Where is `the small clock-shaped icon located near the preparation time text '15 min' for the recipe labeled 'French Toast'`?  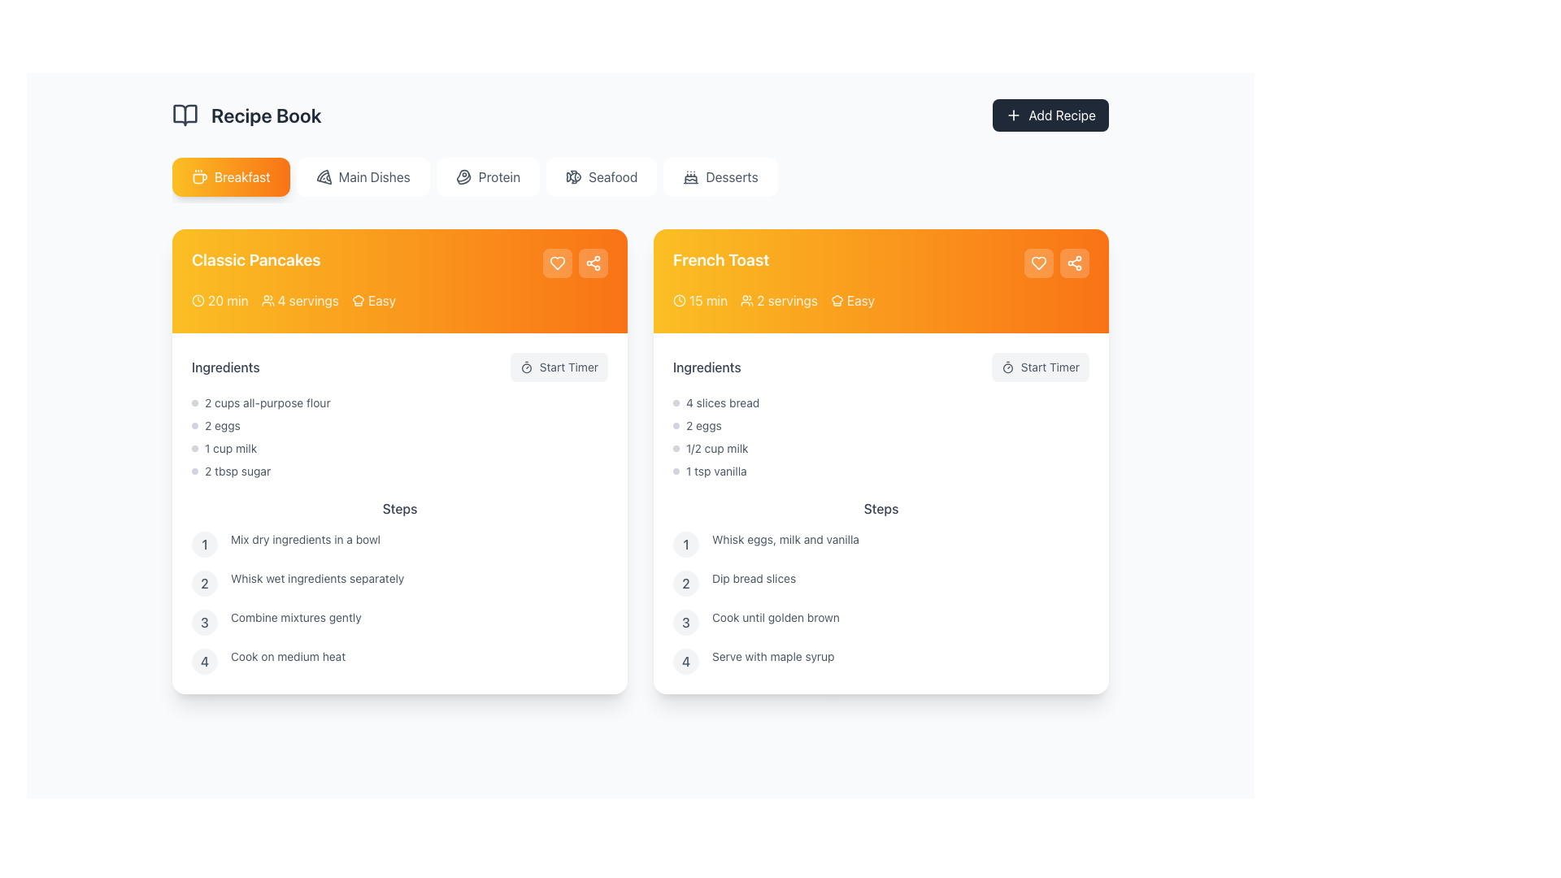 the small clock-shaped icon located near the preparation time text '15 min' for the recipe labeled 'French Toast' is located at coordinates (679, 301).